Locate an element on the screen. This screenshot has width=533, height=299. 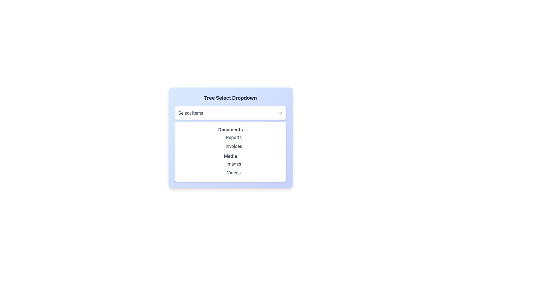
the small, downward-pointing chevron icon with a thin black outline located at the far-right side of the 'Select items' rectangular area is located at coordinates (280, 113).